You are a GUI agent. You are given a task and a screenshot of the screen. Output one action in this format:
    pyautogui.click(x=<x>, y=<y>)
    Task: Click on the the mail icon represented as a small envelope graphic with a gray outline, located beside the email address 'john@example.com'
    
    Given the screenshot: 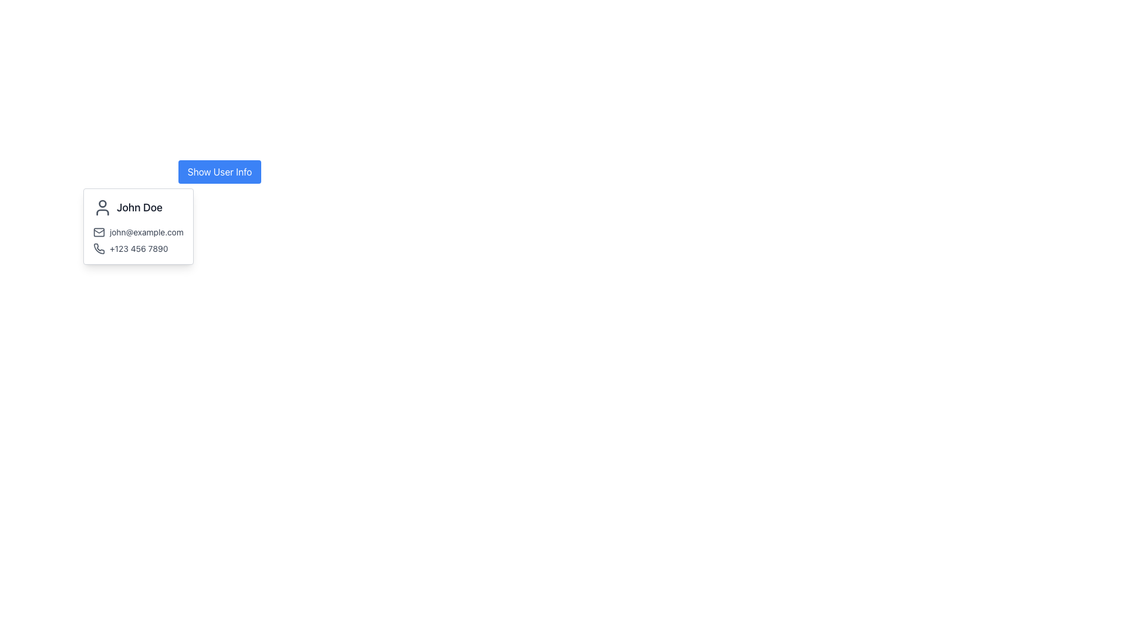 What is the action you would take?
    pyautogui.click(x=99, y=232)
    